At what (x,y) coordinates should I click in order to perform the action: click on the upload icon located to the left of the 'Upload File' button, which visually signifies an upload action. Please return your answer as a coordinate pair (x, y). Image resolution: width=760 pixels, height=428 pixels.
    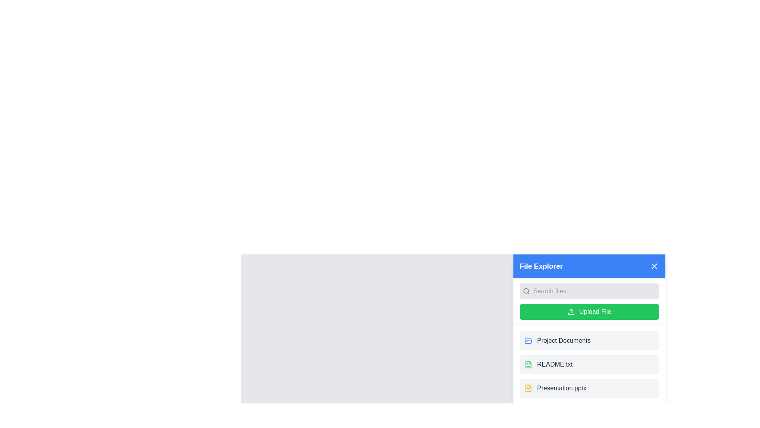
    Looking at the image, I should click on (571, 311).